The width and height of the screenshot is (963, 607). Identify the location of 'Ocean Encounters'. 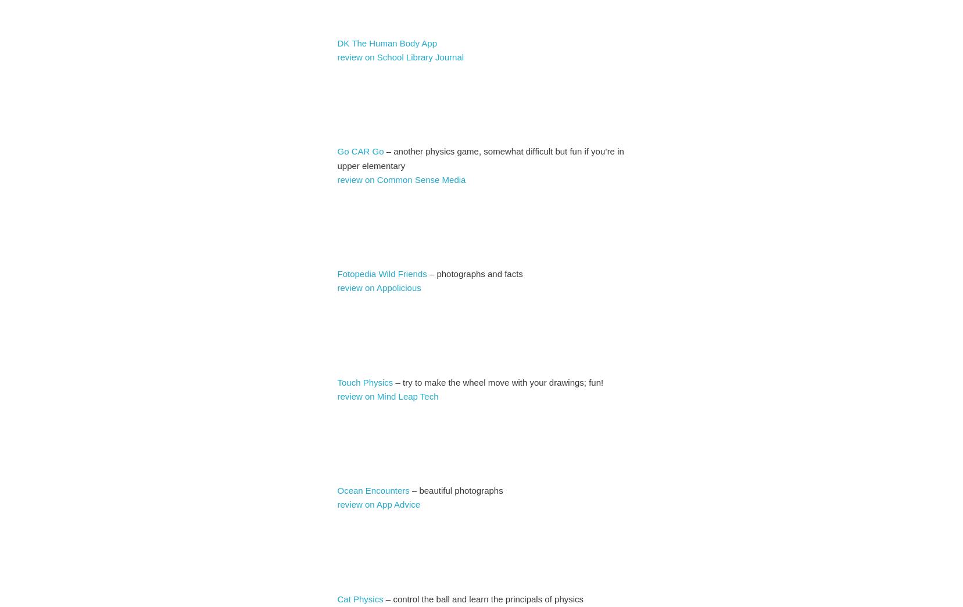
(373, 490).